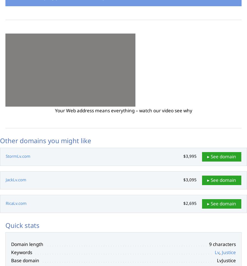 The image size is (247, 266). I want to click on 'StormLv.com', so click(18, 156).